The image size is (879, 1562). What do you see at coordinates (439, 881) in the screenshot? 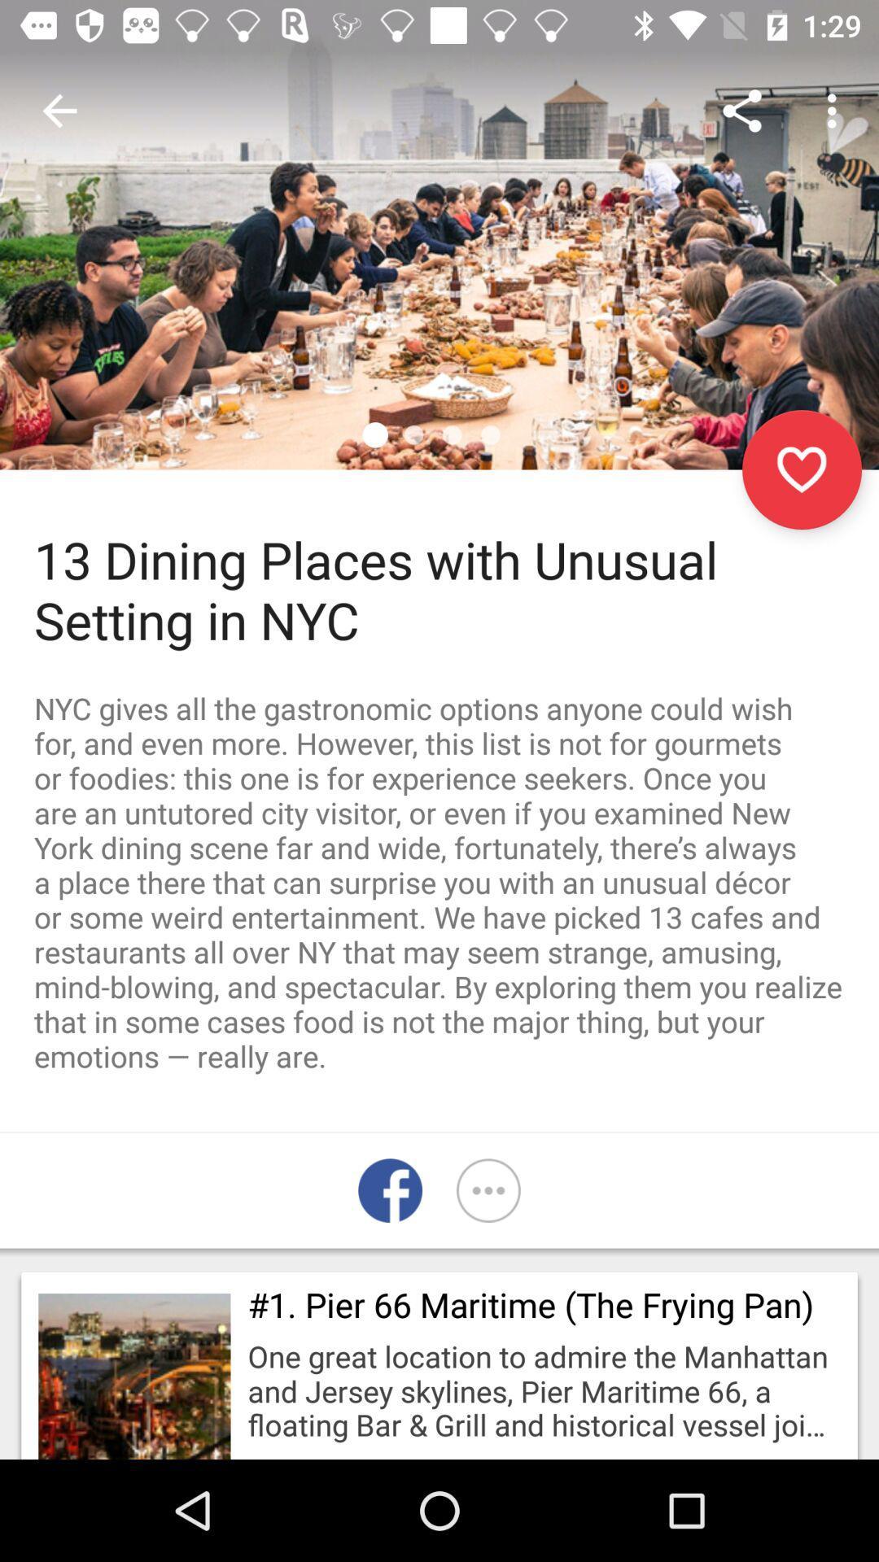
I see `item below the 13 dining places` at bounding box center [439, 881].